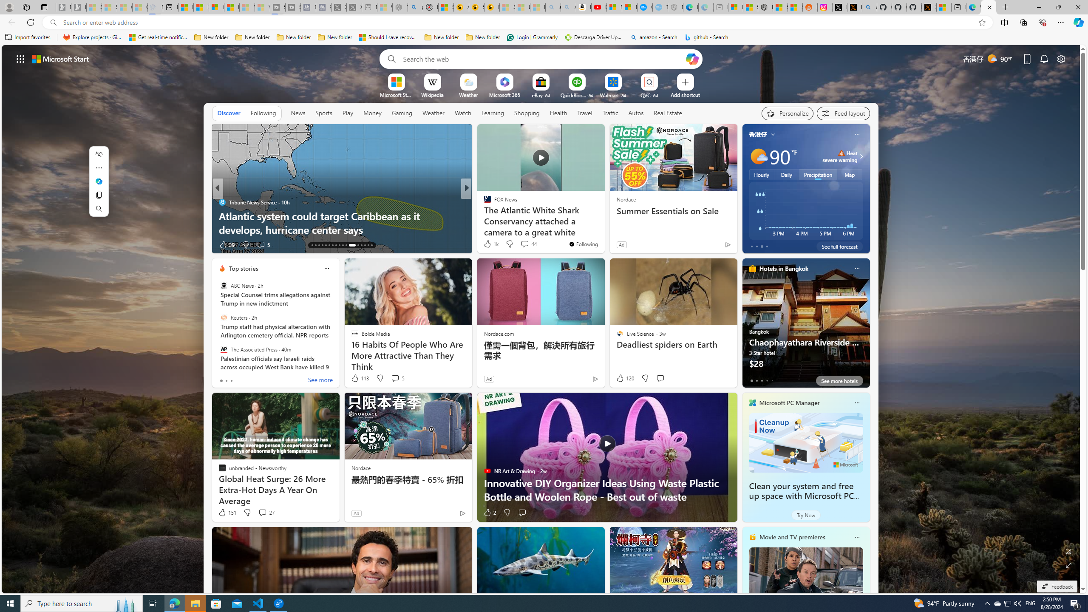 The height and width of the screenshot is (612, 1088). What do you see at coordinates (227, 513) in the screenshot?
I see `'151 Like'` at bounding box center [227, 513].